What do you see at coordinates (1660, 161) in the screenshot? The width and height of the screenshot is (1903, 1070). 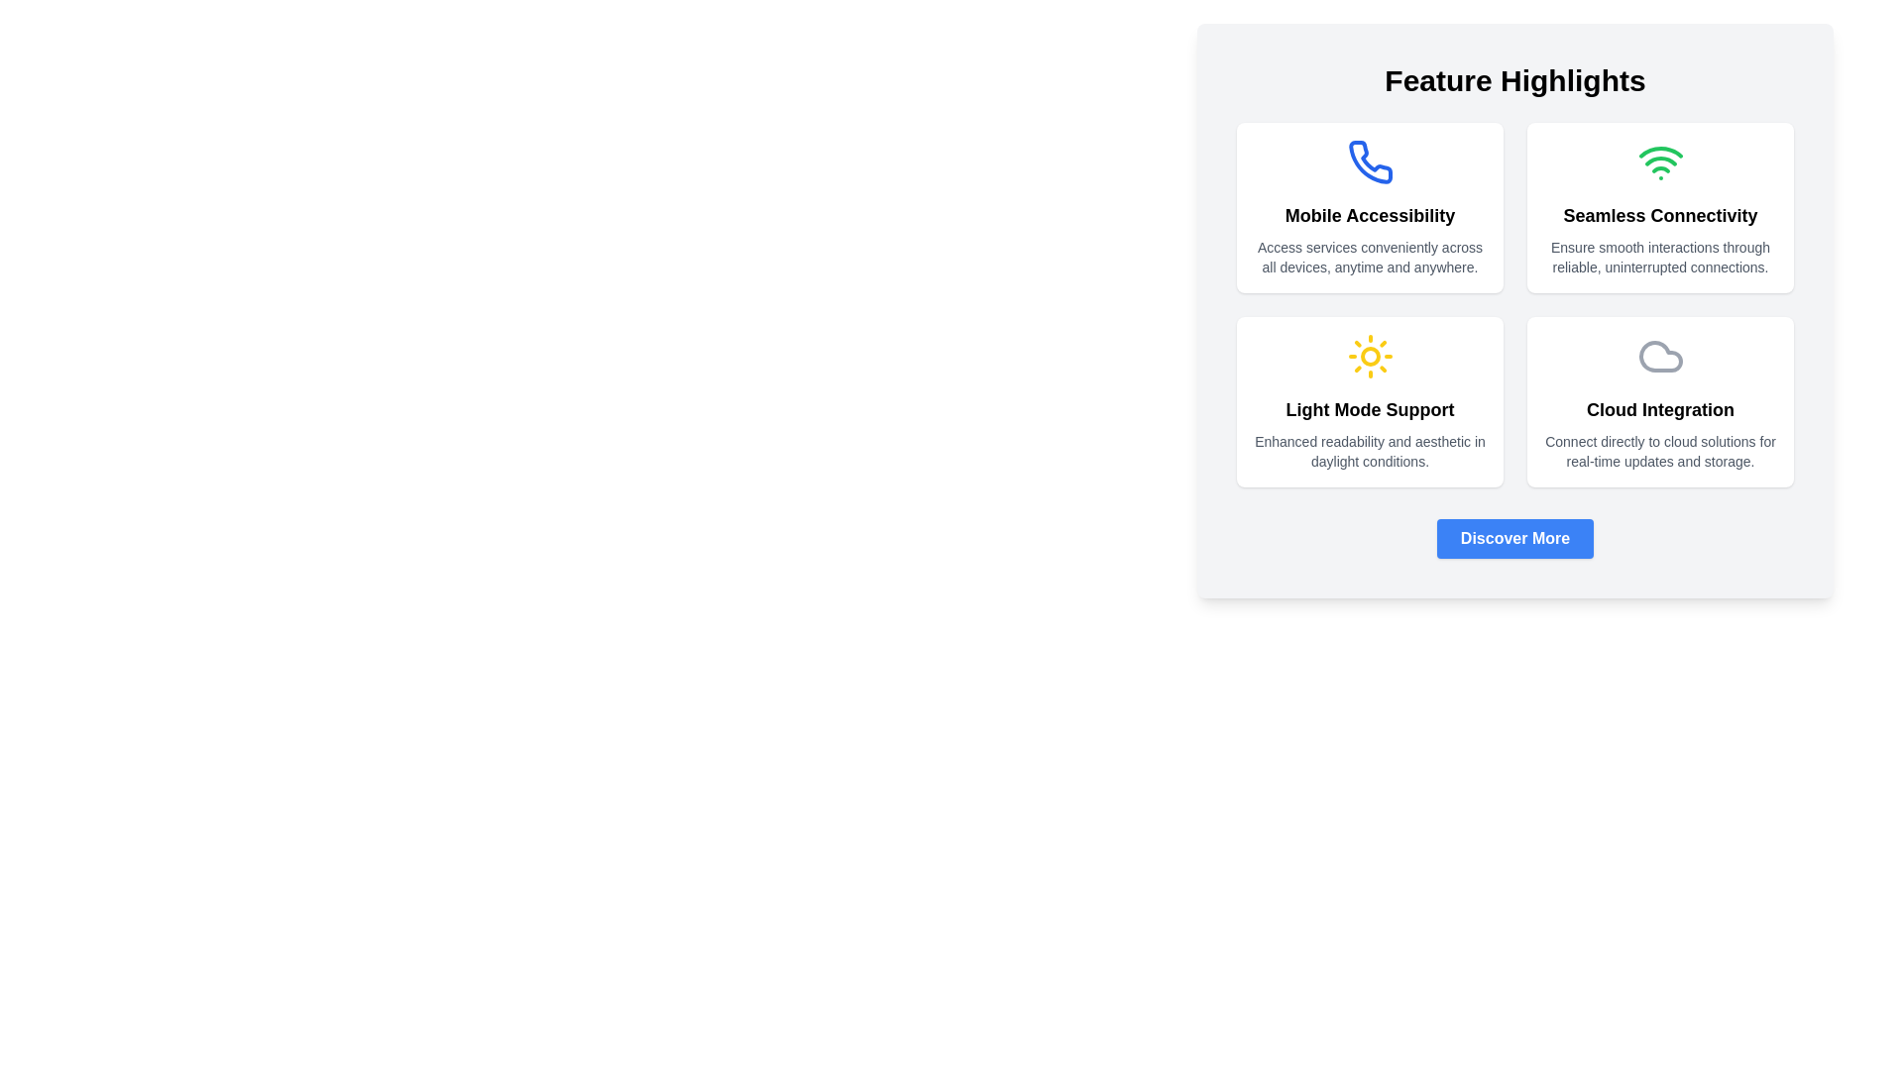 I see `the wireless connectivity icon located at the top of the 'Seamless Connectivity' card, which is centered horizontally above the card's title text` at bounding box center [1660, 161].